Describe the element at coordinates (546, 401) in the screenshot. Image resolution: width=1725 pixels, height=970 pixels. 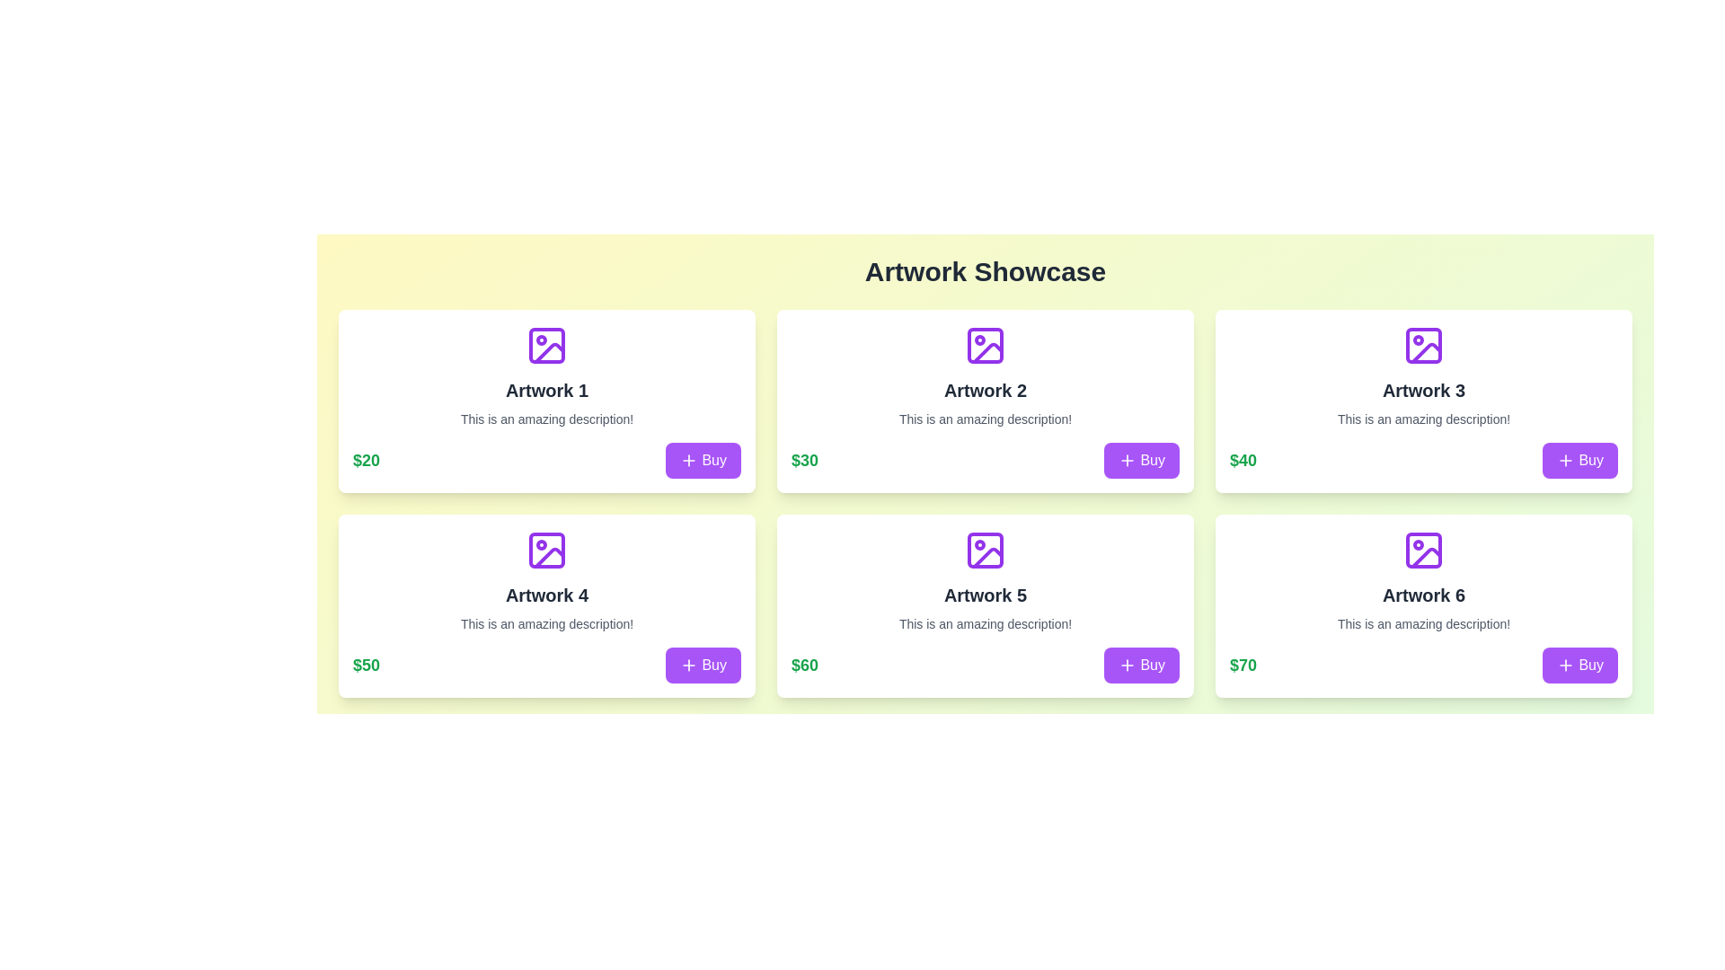
I see `the Card component displaying product information, located at the top-left corner of the grid layout` at that location.